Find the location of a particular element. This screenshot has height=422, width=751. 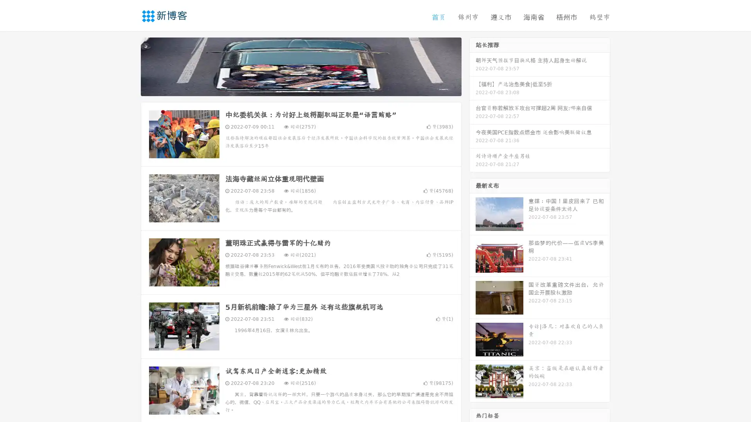

Go to slide 3 is located at coordinates (309, 88).